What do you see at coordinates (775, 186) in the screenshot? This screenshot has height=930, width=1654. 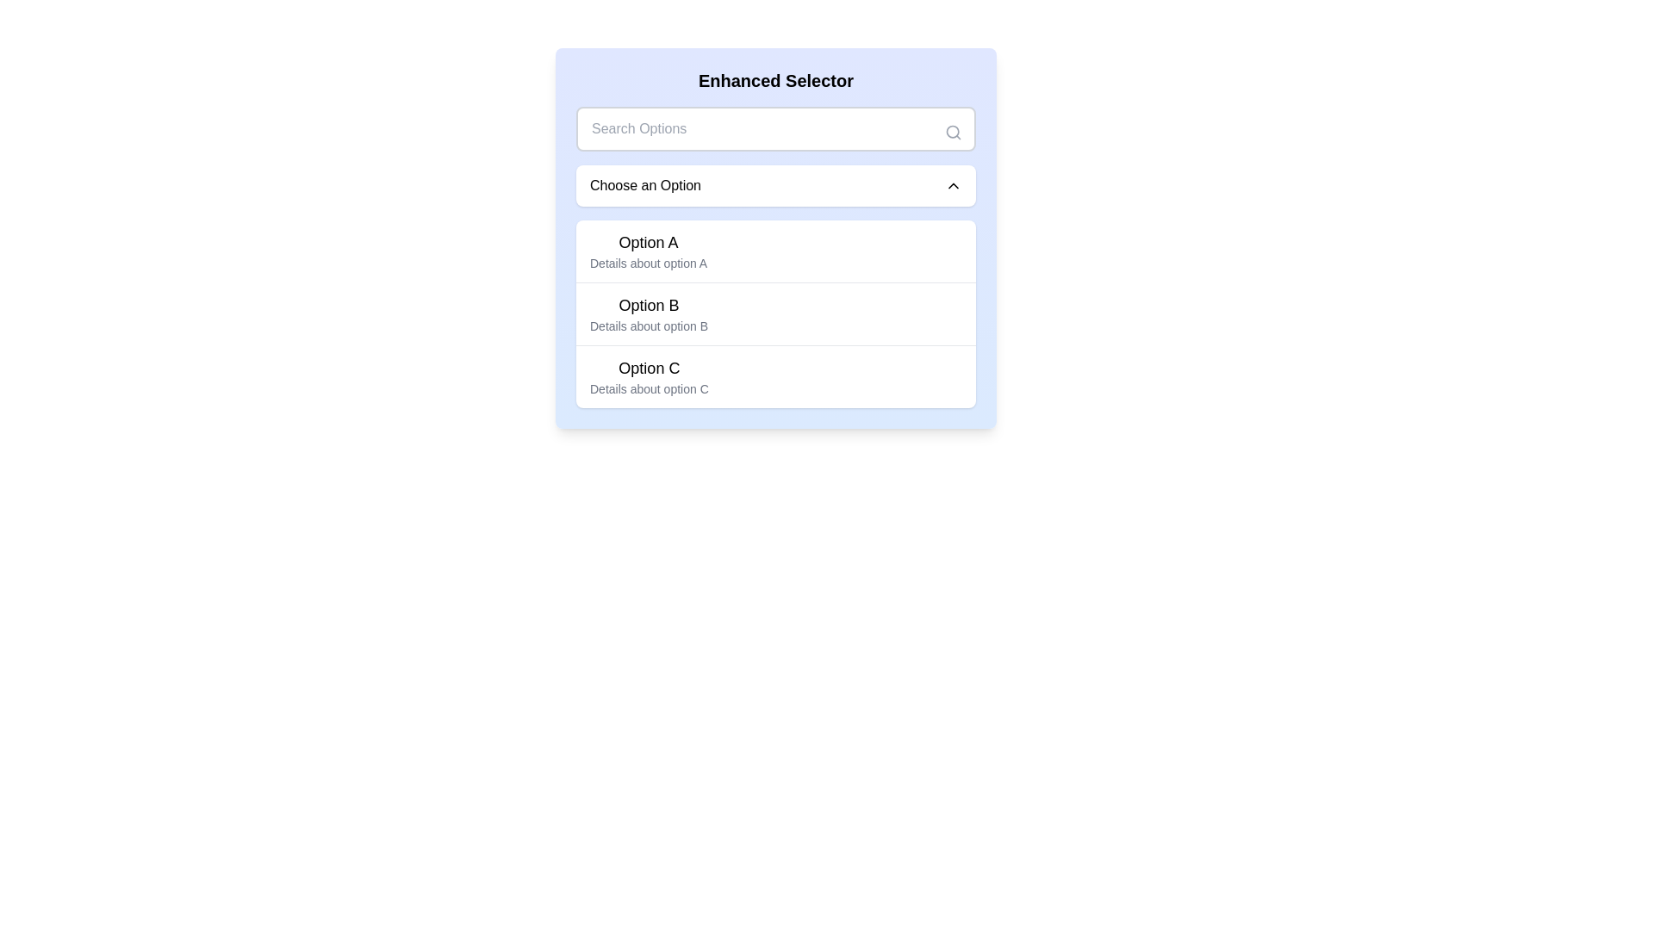 I see `the dropdown menu labeled 'Choose an Option'` at bounding box center [775, 186].